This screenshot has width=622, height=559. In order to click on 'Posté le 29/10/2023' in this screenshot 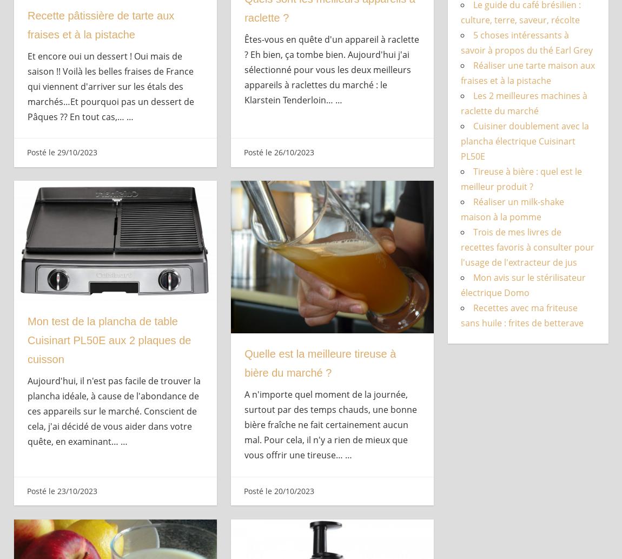, I will do `click(25, 152)`.